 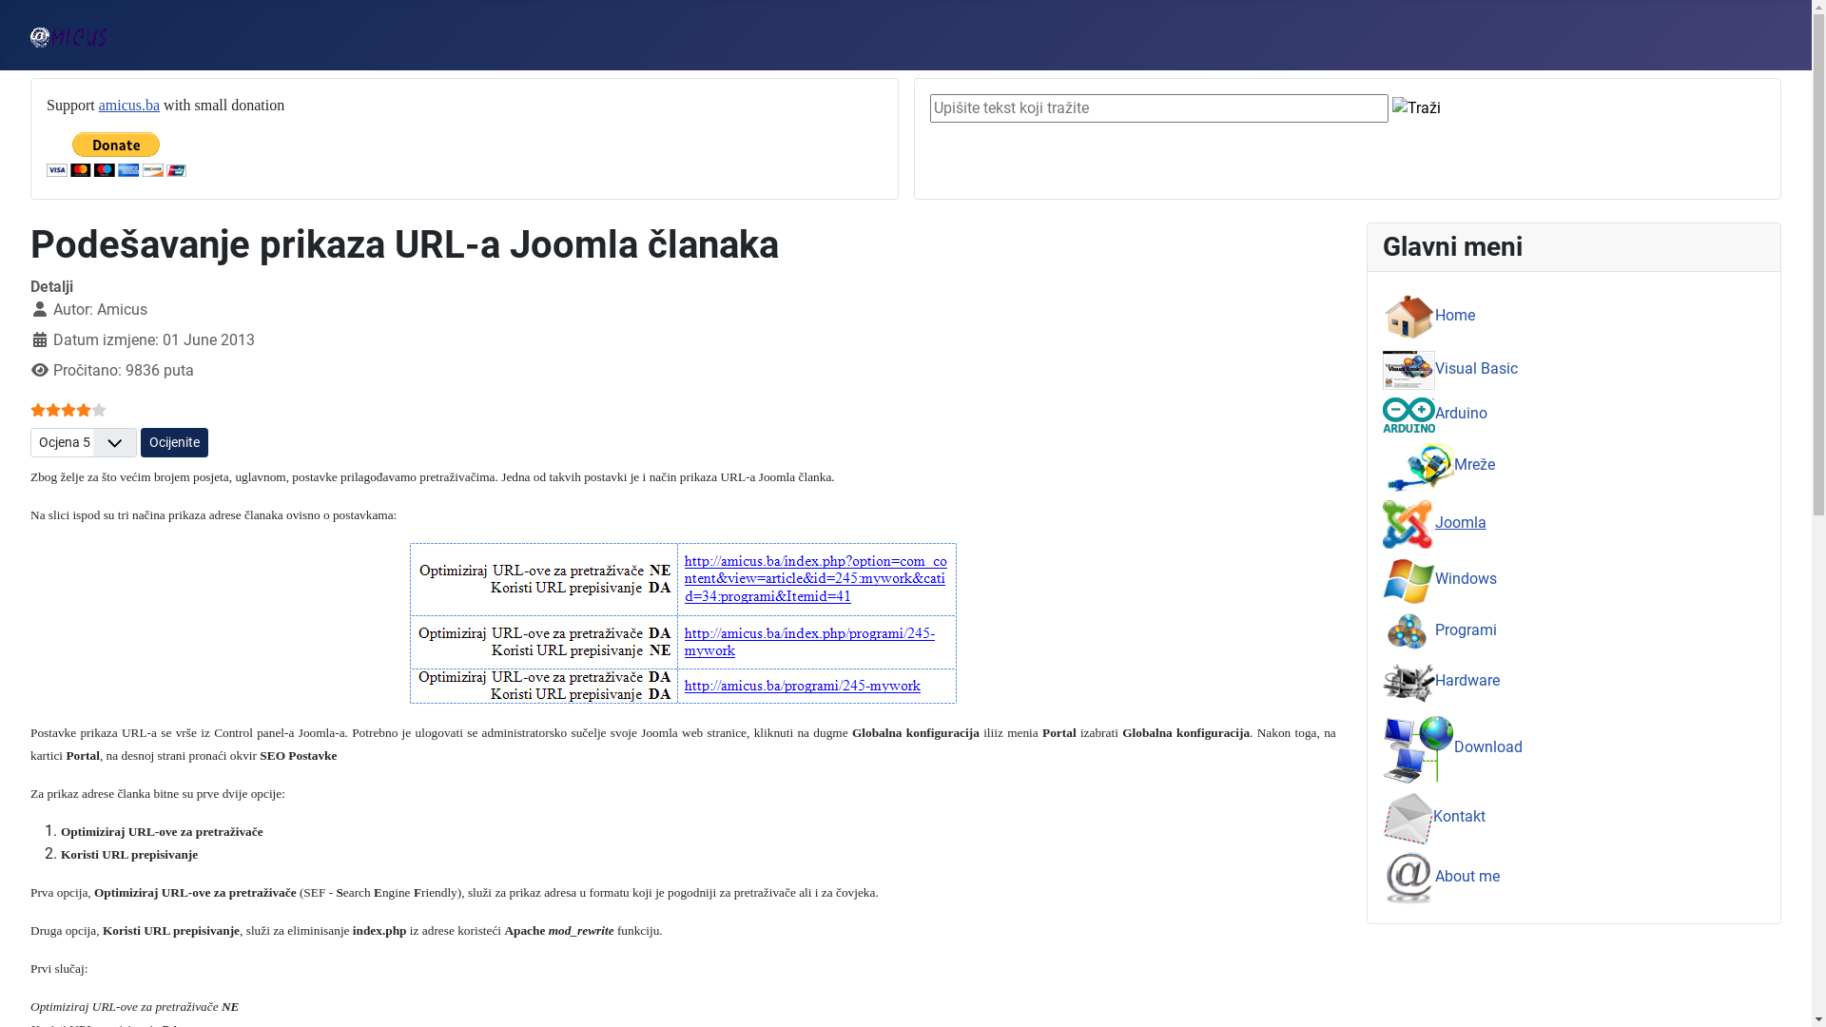 What do you see at coordinates (1383, 630) in the screenshot?
I see `'Programi'` at bounding box center [1383, 630].